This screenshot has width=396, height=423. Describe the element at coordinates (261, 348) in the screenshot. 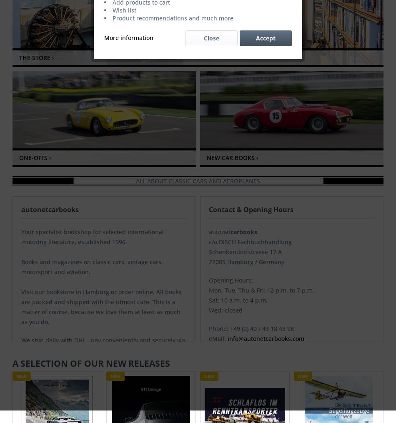

I see `'Parking: directly in front of the door'` at that location.